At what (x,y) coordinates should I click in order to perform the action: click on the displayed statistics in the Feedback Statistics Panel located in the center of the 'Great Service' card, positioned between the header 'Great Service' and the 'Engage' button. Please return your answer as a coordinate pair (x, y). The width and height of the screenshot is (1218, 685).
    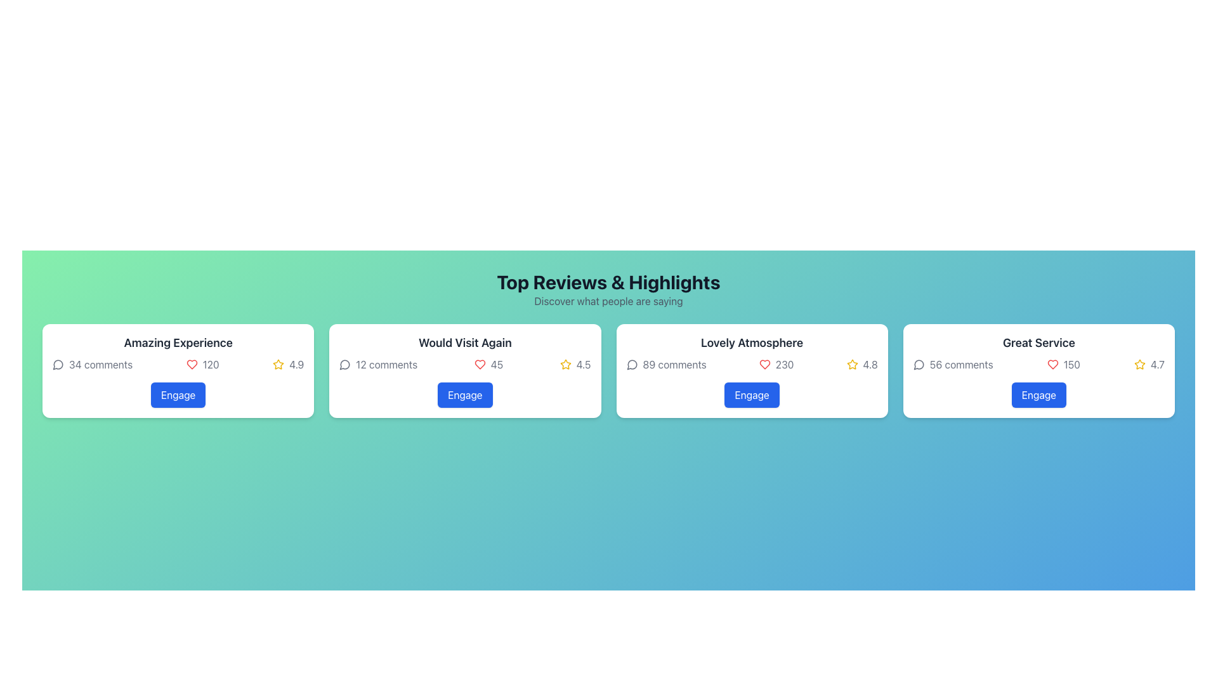
    Looking at the image, I should click on (1038, 364).